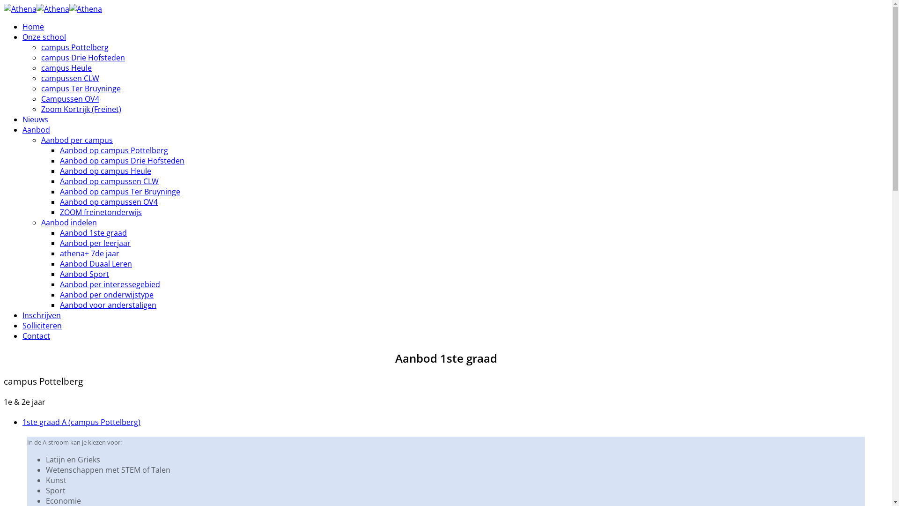 Image resolution: width=899 pixels, height=506 pixels. I want to click on 'Contact', so click(36, 335).